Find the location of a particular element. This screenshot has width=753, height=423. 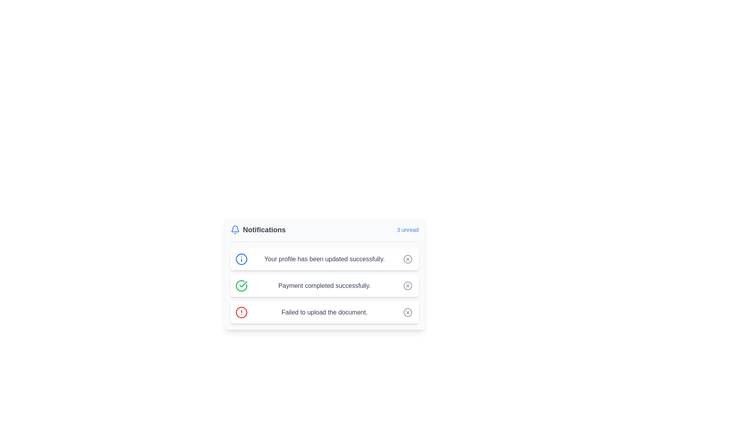

the text label that reads 'Your profile has been updated successfully.' within the first notification card under the 'Notifications' header by clicking on it is located at coordinates (324, 259).